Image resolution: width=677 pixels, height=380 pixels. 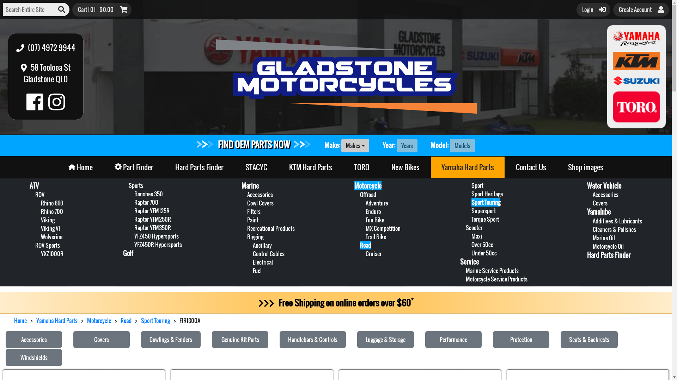 What do you see at coordinates (141, 339) in the screenshot?
I see `'Cowlings & Fenders'` at bounding box center [141, 339].